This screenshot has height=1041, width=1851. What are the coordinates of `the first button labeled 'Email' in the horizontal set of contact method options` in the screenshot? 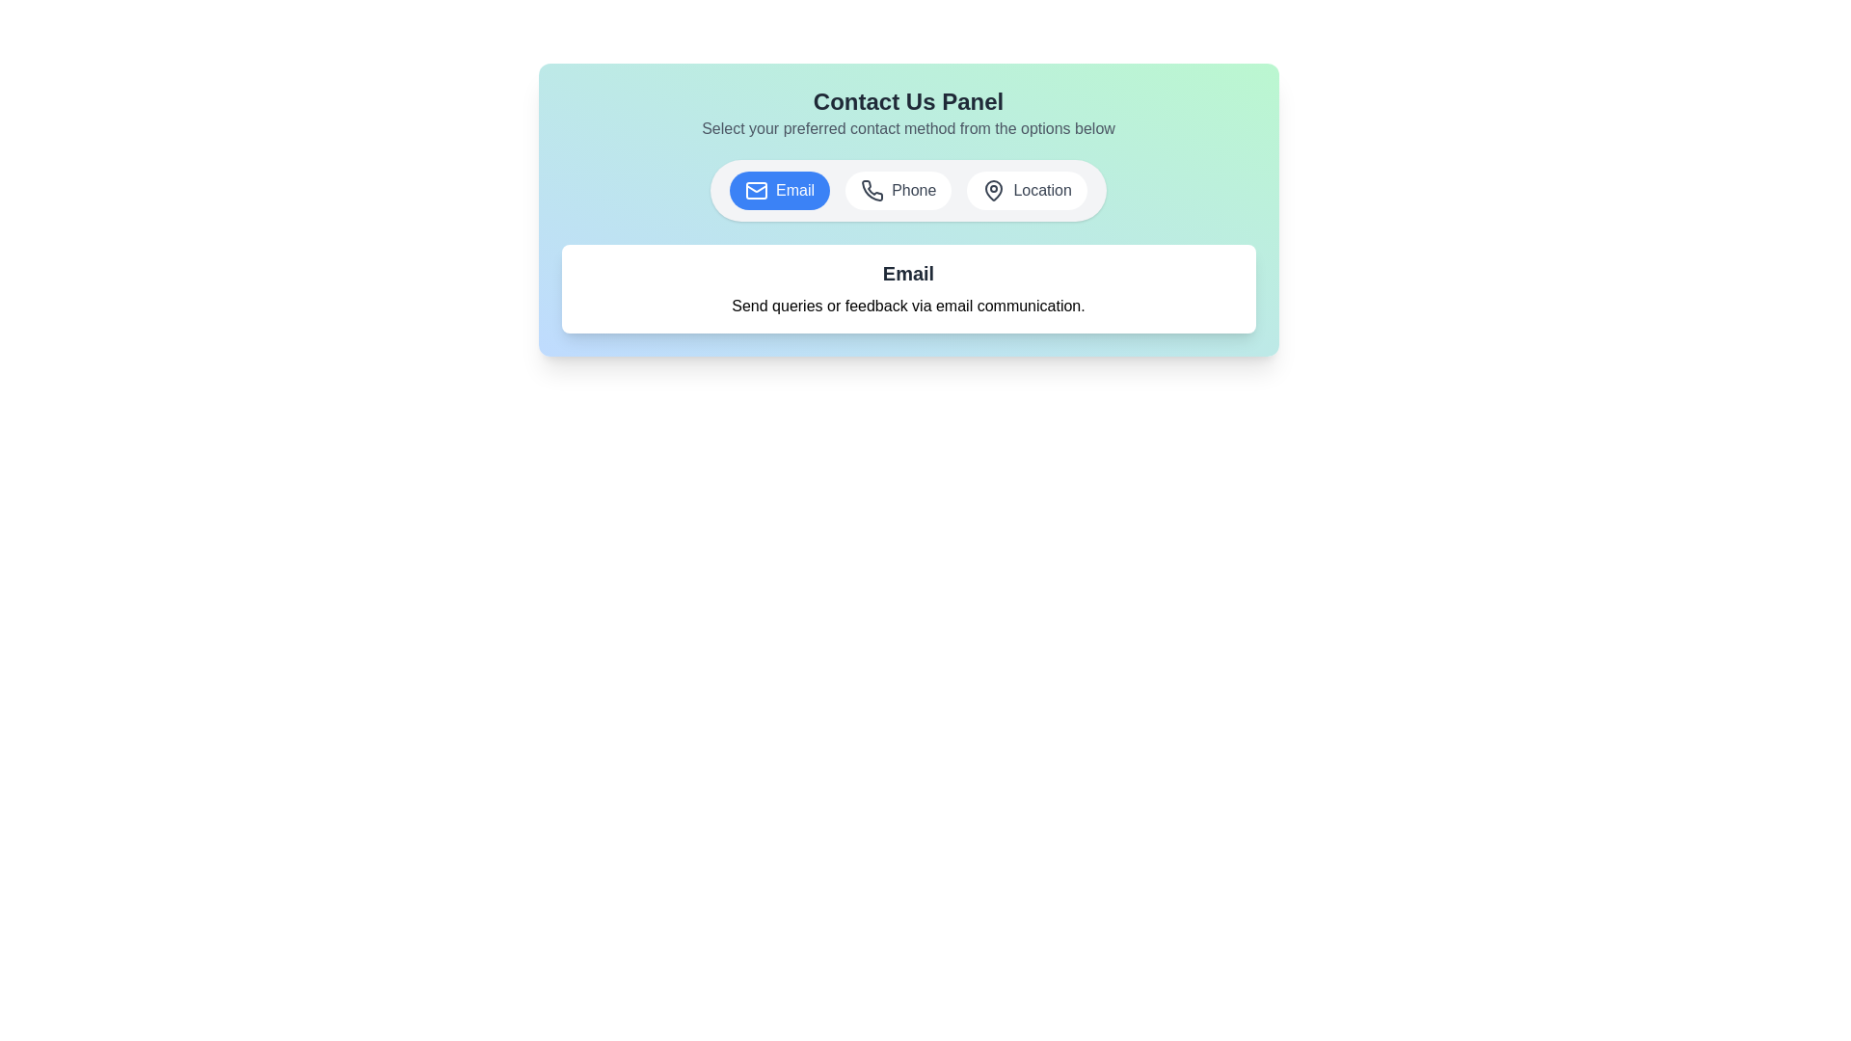 It's located at (780, 190).